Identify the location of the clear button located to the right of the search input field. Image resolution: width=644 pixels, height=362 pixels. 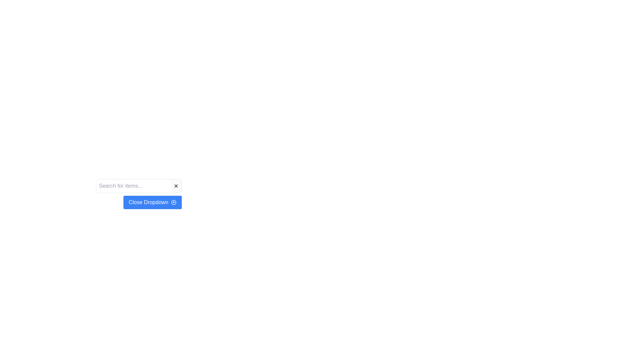
(176, 186).